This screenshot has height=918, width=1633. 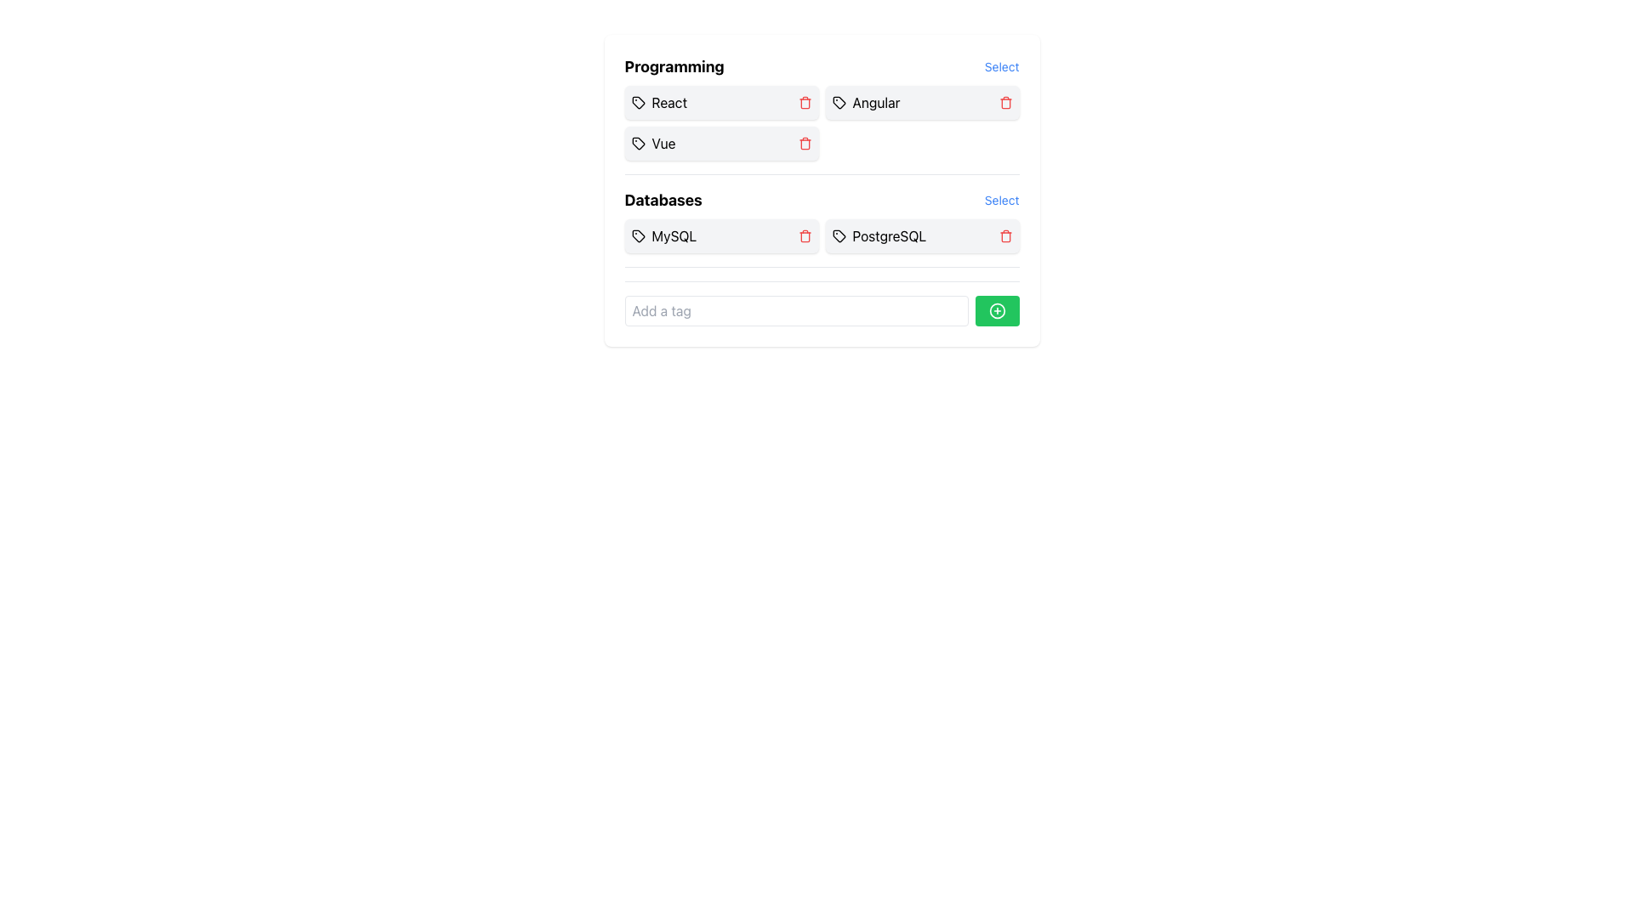 What do you see at coordinates (839, 102) in the screenshot?
I see `the tag-shaped SVG icon located to the left of the text 'Angular' in the 'Programming' section` at bounding box center [839, 102].